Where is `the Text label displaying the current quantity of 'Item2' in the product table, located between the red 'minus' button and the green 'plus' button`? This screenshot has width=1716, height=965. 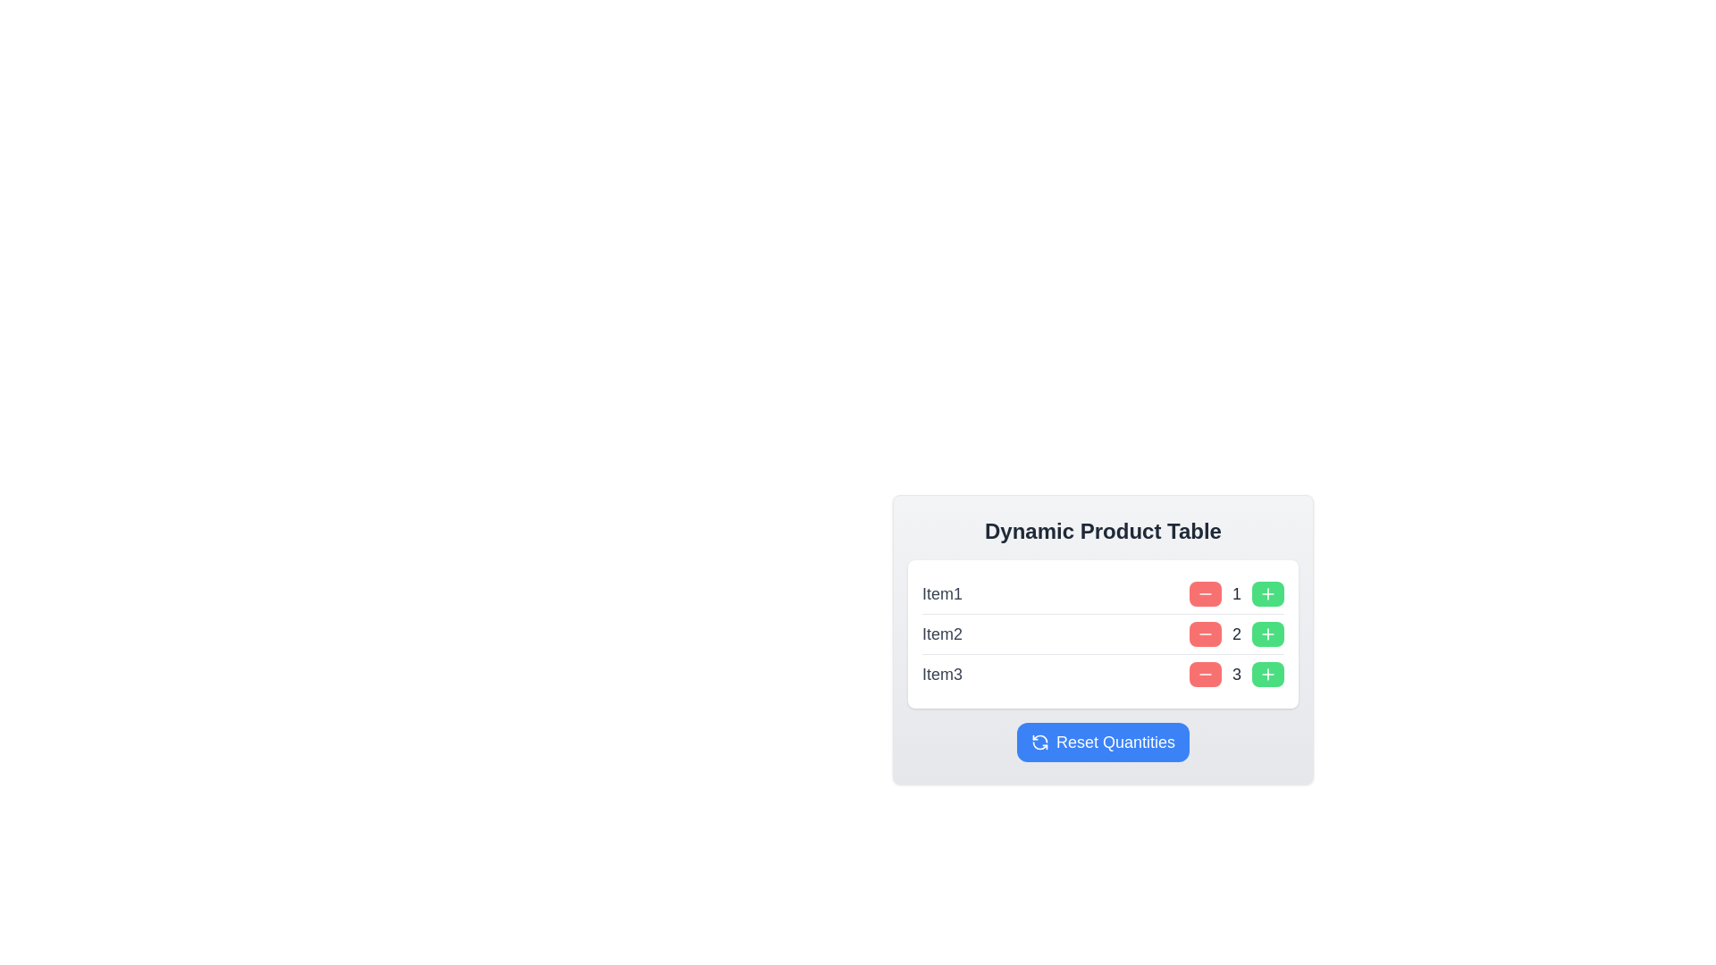
the Text label displaying the current quantity of 'Item2' in the product table, located between the red 'minus' button and the green 'plus' button is located at coordinates (1235, 633).